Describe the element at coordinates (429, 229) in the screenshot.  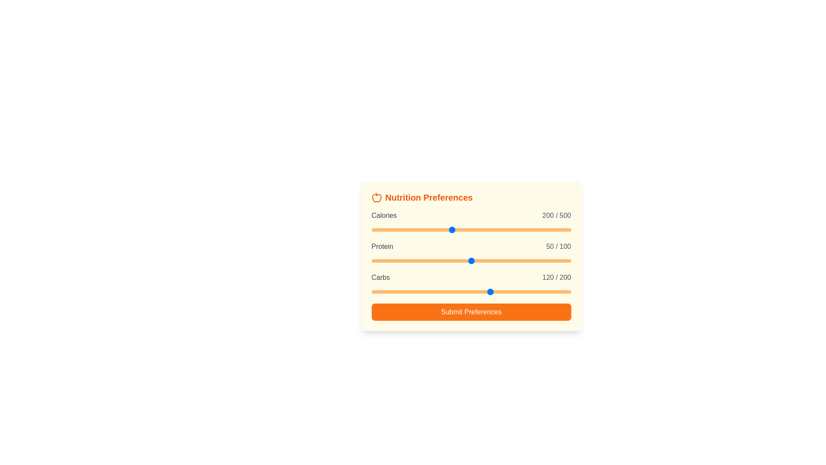
I see `calorie intake` at that location.